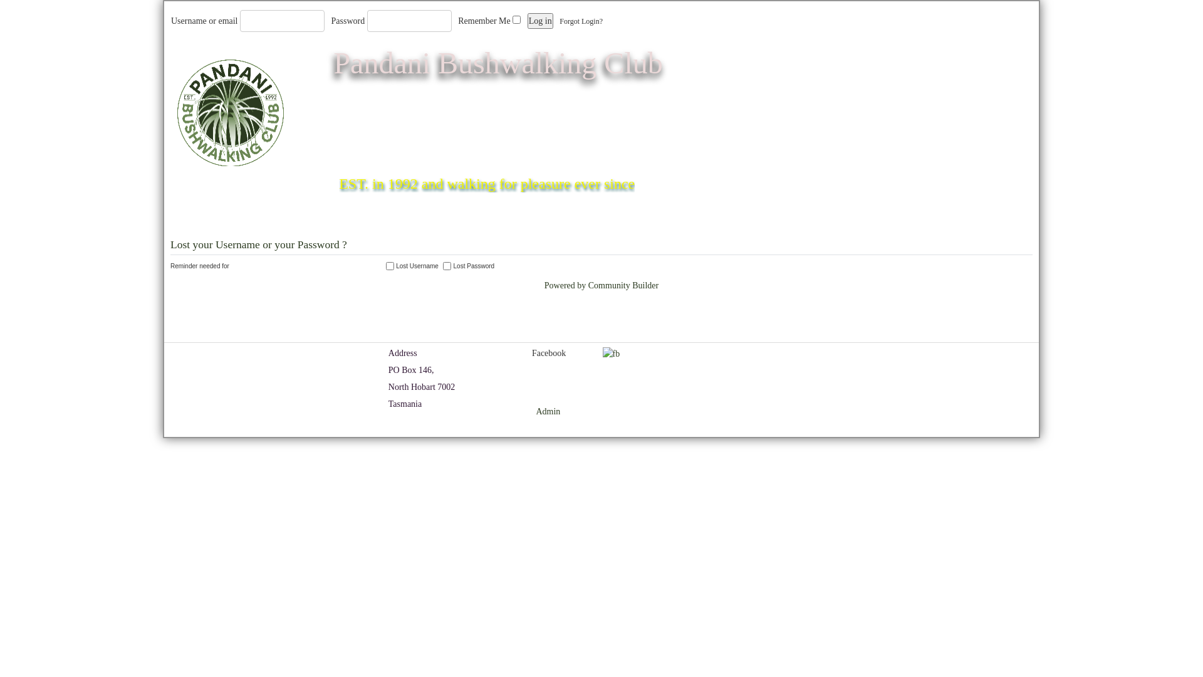 The image size is (1203, 677). I want to click on 'Pandani Bushwalking Club', so click(497, 63).